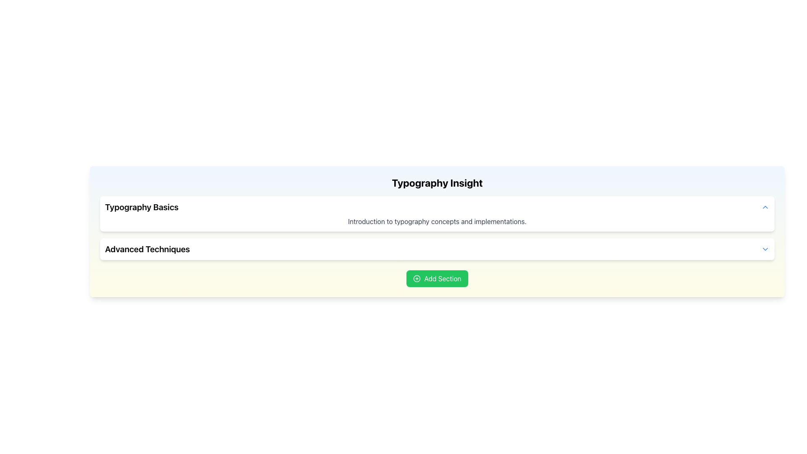  I want to click on the static text element that serves as the title or header for the section, located above 'Typography Basics' and 'Advanced Techniques', so click(437, 182).